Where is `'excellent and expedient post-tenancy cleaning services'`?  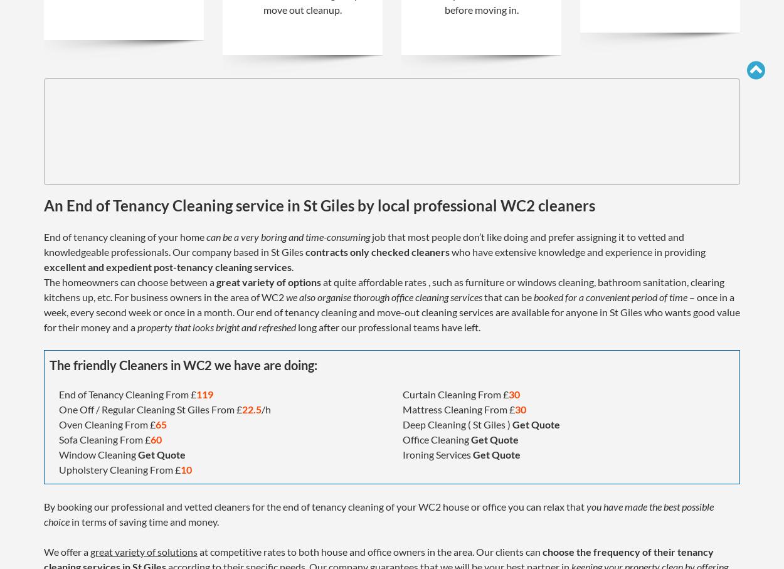 'excellent and expedient post-tenancy cleaning services' is located at coordinates (43, 265).